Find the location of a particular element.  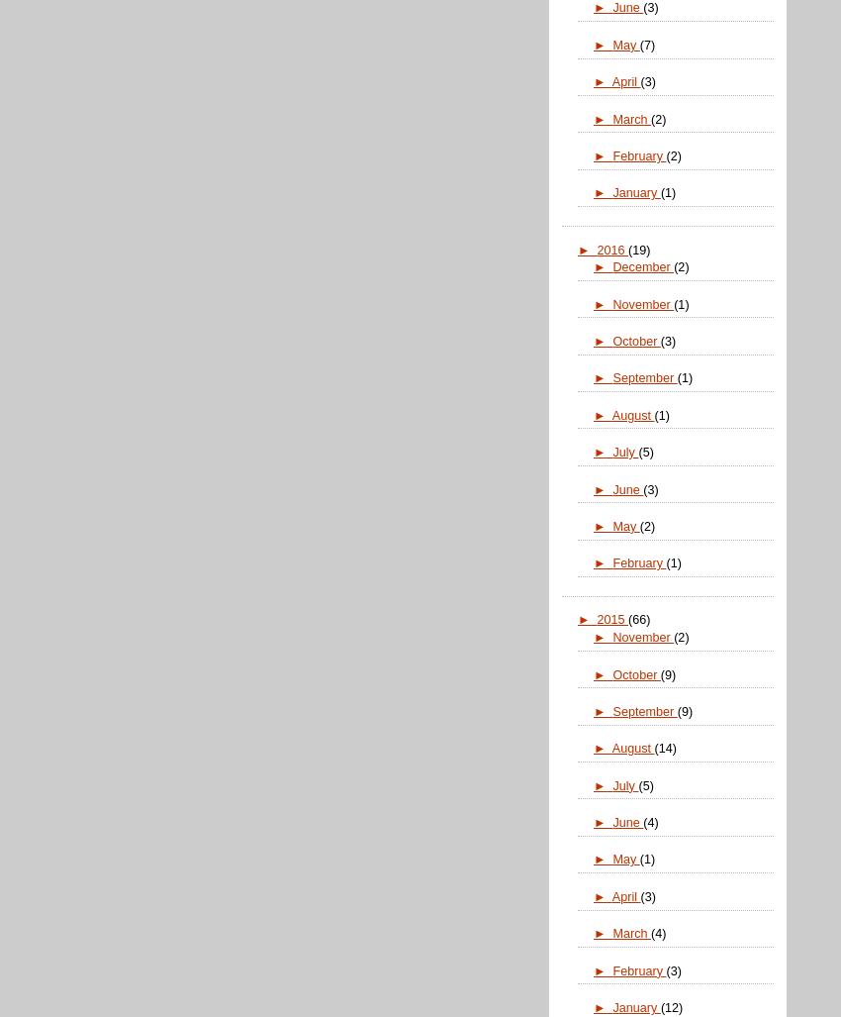

'(19)' is located at coordinates (639, 250).